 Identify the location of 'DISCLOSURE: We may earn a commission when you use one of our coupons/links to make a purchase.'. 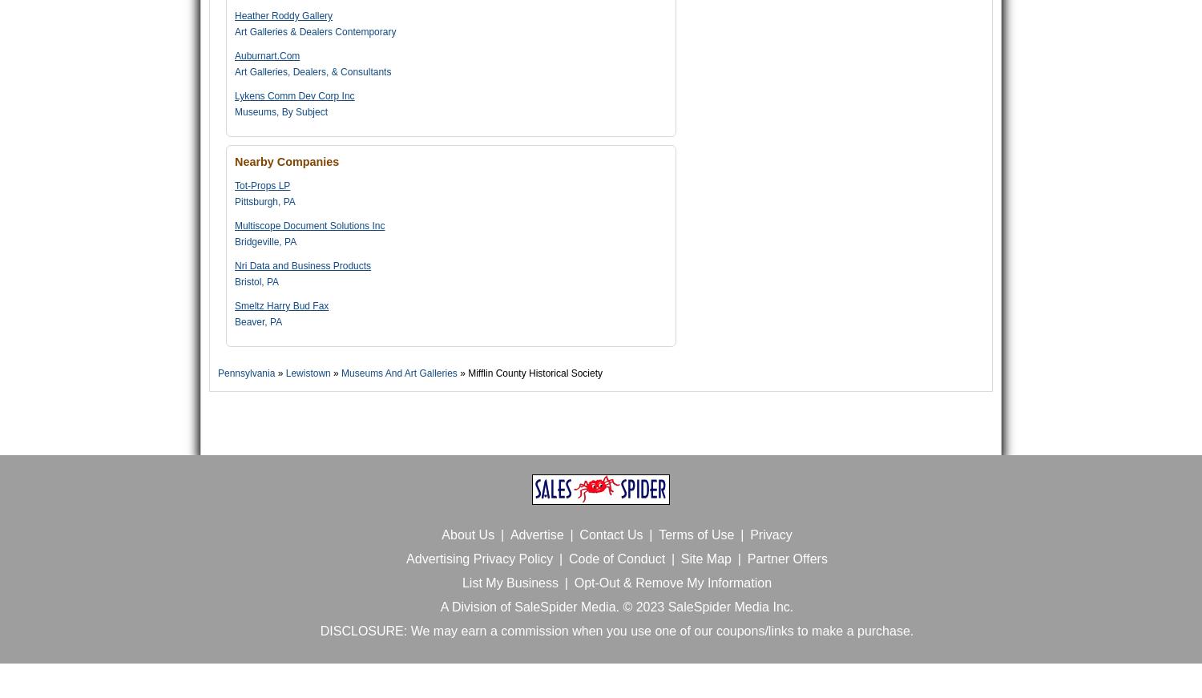
(616, 631).